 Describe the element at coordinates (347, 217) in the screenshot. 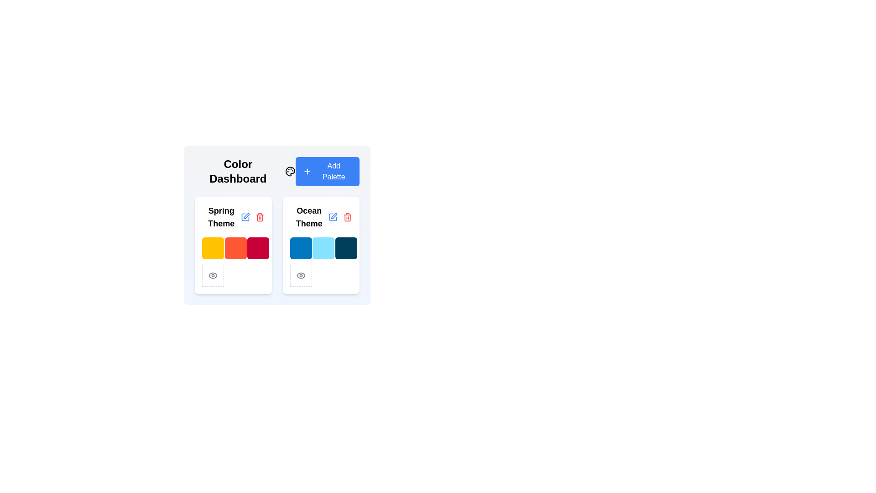

I see `the delete button located at the top-right of the 'Ocean Theme' block` at that location.